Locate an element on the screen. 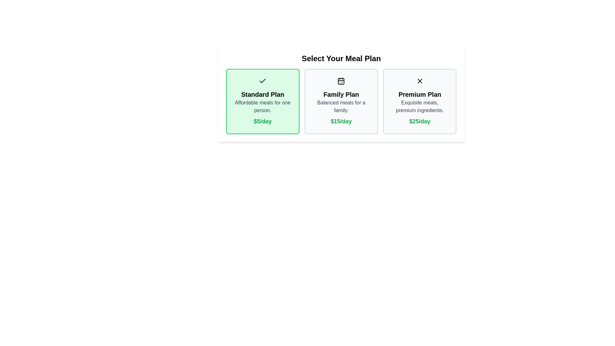 The height and width of the screenshot is (346, 615). the diagonal cross icon located in the upper center section of the third card titled 'Premium Plan' in the meal selection options is located at coordinates (420, 81).